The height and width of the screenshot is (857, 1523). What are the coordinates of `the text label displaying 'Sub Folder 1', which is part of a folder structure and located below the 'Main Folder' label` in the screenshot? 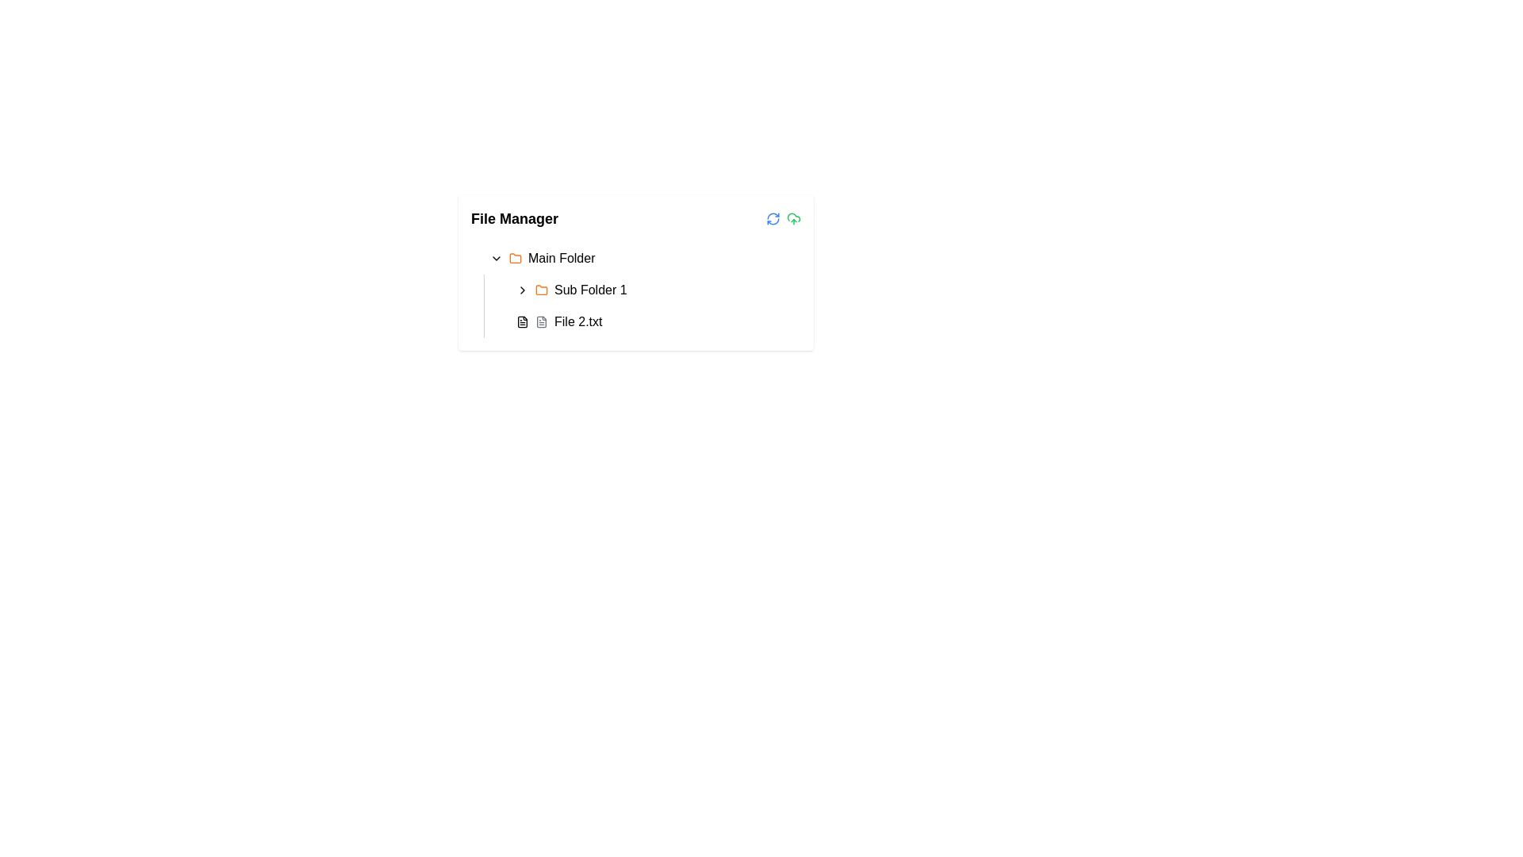 It's located at (589, 290).